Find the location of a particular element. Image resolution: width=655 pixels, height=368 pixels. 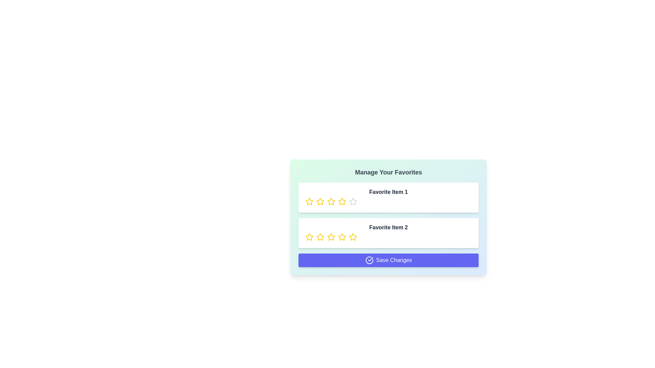

the rating of a favorite item to 1 stars is located at coordinates (309, 201).